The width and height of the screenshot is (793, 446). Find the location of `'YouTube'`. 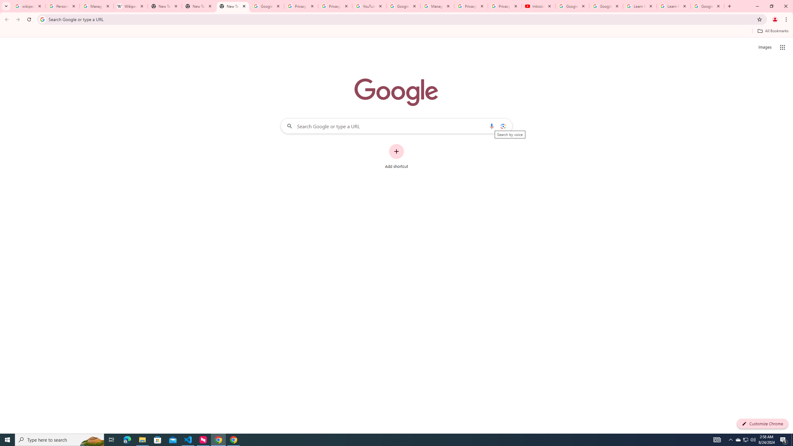

'YouTube' is located at coordinates (369, 6).